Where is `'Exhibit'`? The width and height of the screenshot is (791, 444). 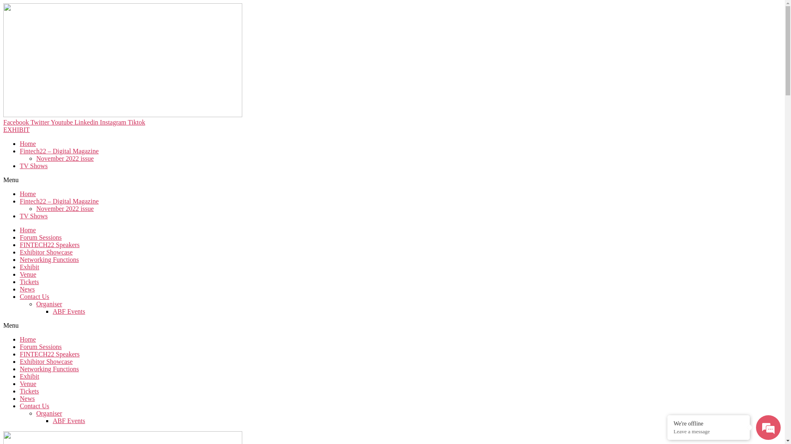 'Exhibit' is located at coordinates (29, 376).